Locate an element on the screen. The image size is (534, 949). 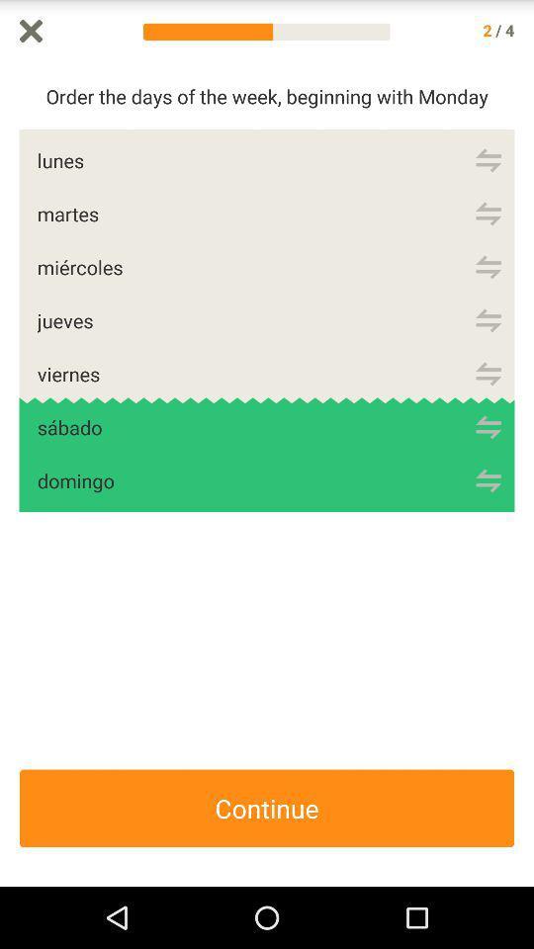
scroll through window is located at coordinates (524, 474).